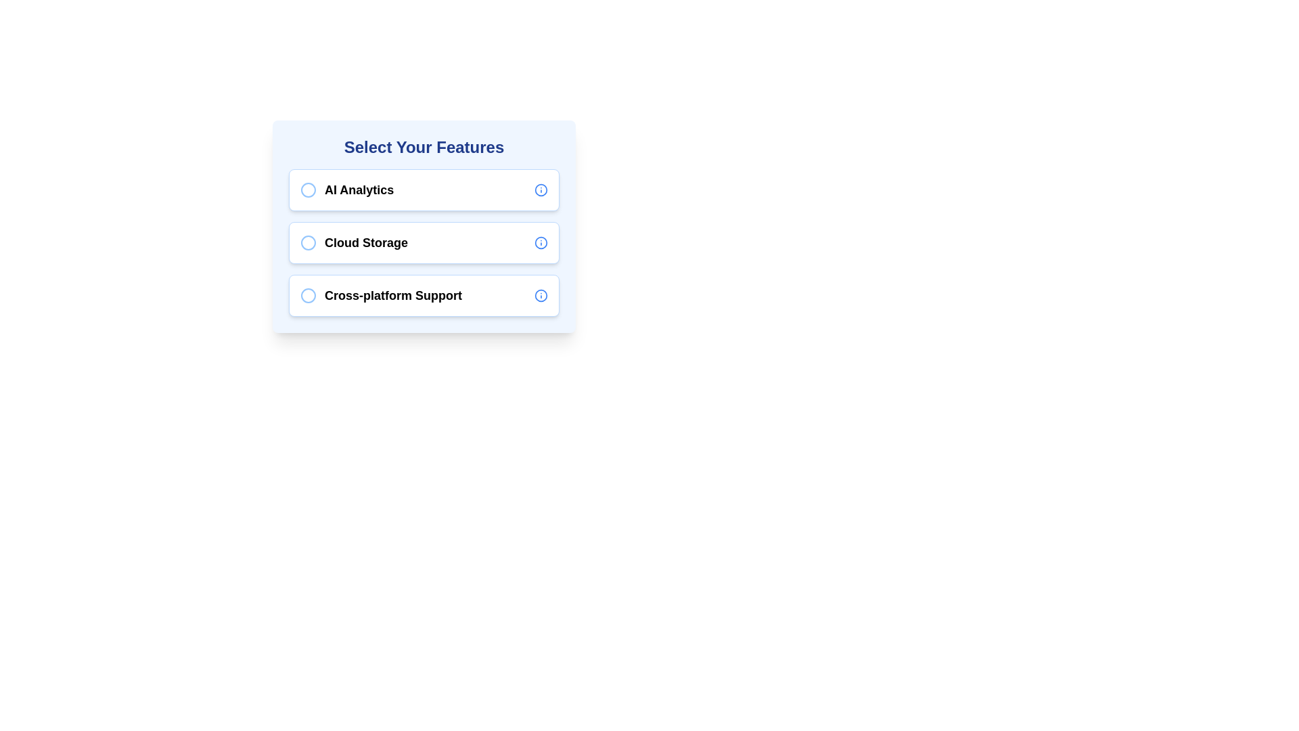 This screenshot has height=731, width=1299. I want to click on the small circular widget with a thin blue border and blue fill, located inside the 'Cloud Storage' option in the features list, so click(308, 242).